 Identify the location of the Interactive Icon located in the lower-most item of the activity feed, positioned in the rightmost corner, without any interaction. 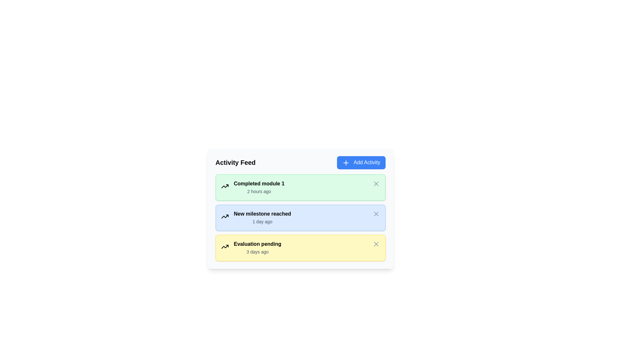
(376, 244).